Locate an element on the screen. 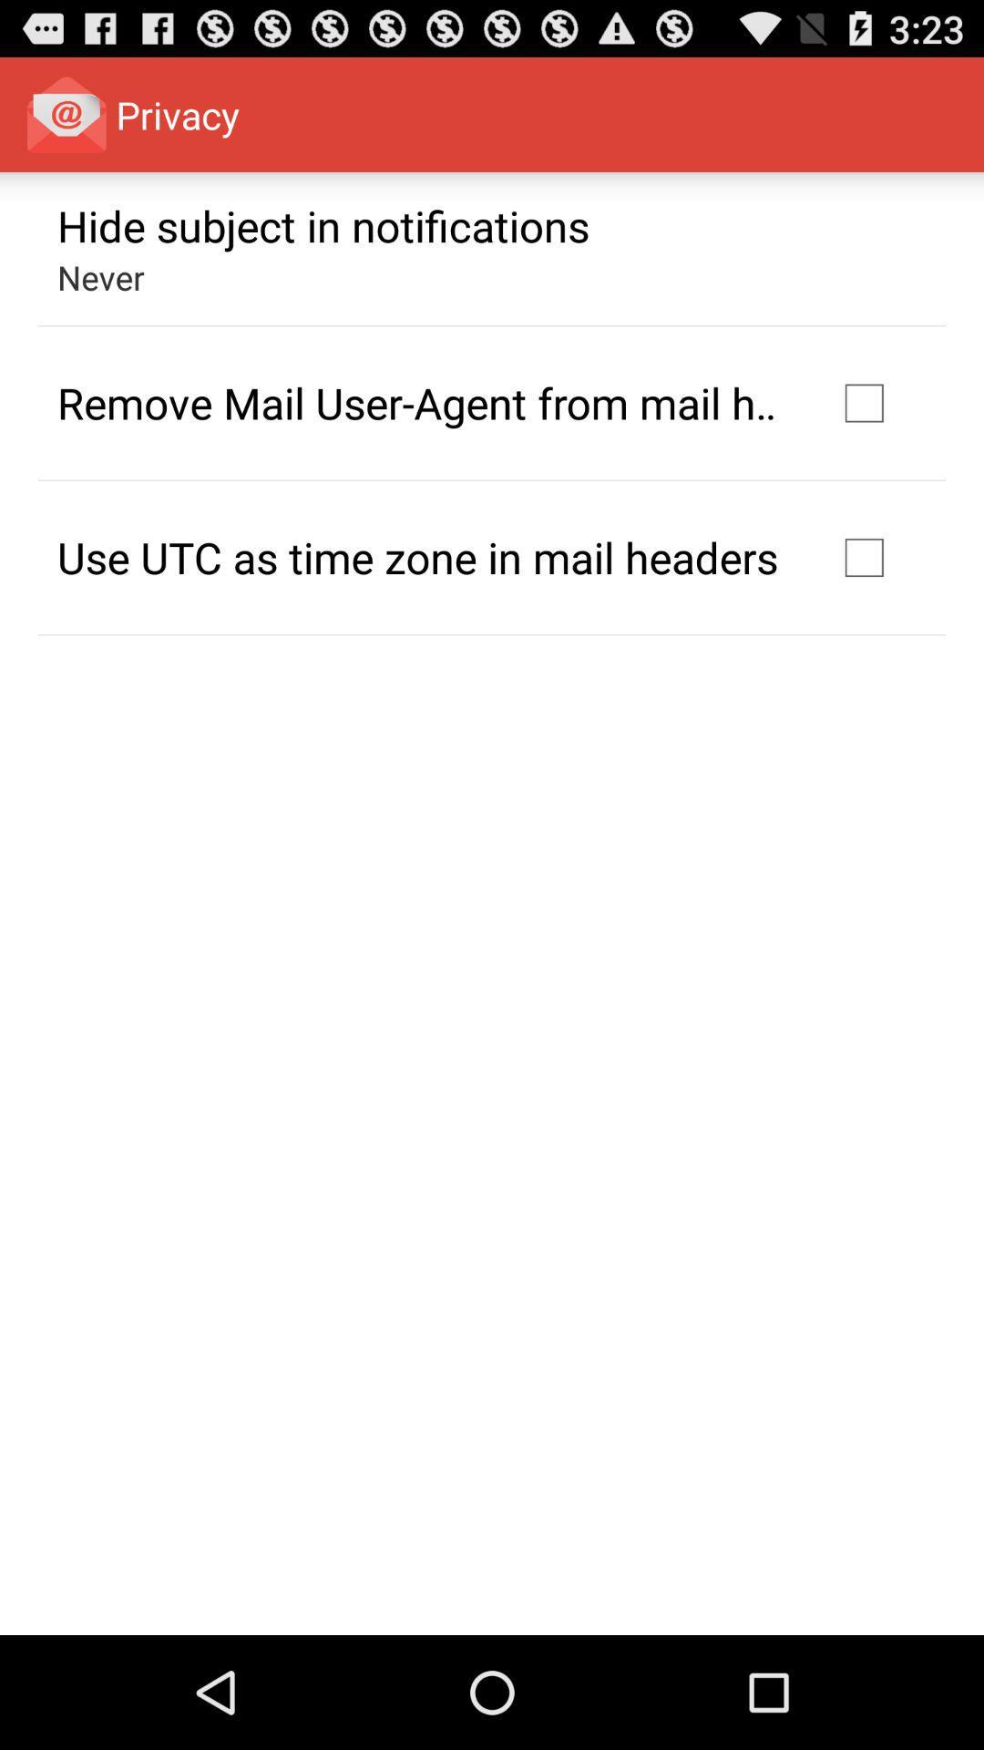  the hide subject in icon is located at coordinates (323, 224).